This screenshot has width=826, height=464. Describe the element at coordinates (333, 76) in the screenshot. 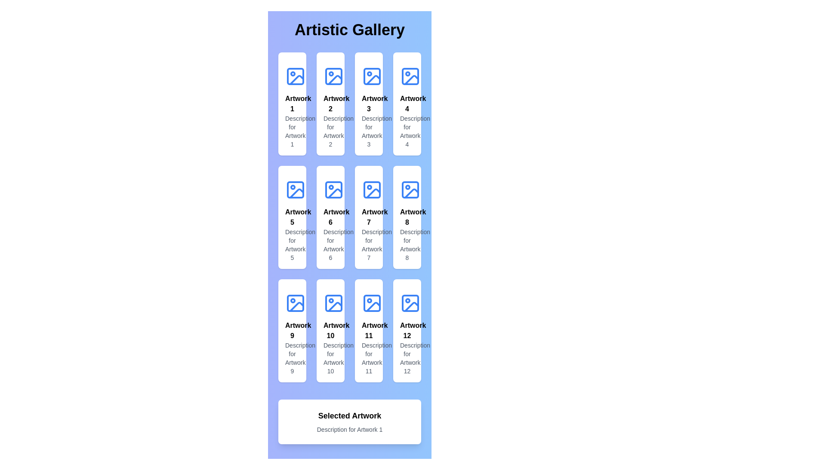

I see `the Icon graphic element located in the second artwork section, which features an image placeholder graphic under 'Artwork 2'` at that location.